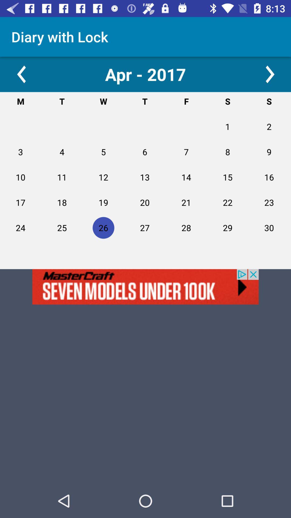 This screenshot has height=518, width=291. I want to click on advertisement link to different site, so click(145, 287).